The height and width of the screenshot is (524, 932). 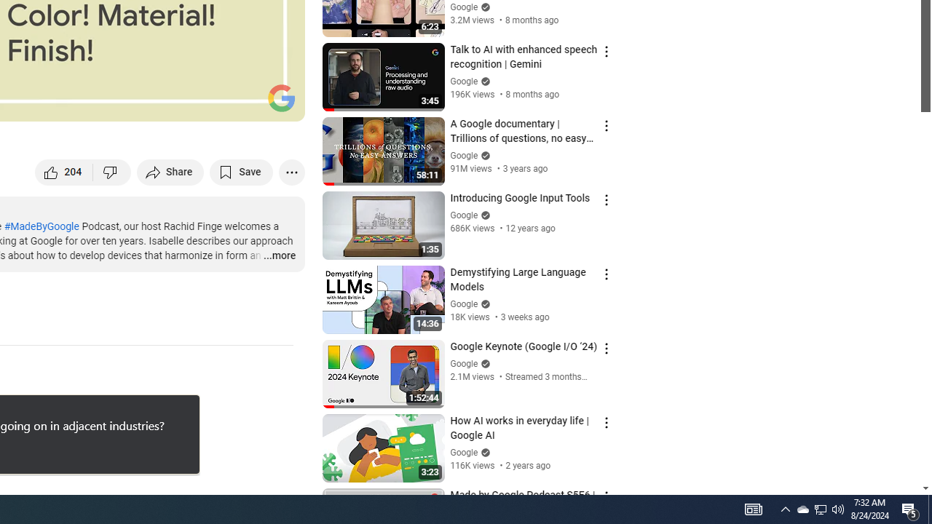 I want to click on 'Channel watermark', so click(x=281, y=98).